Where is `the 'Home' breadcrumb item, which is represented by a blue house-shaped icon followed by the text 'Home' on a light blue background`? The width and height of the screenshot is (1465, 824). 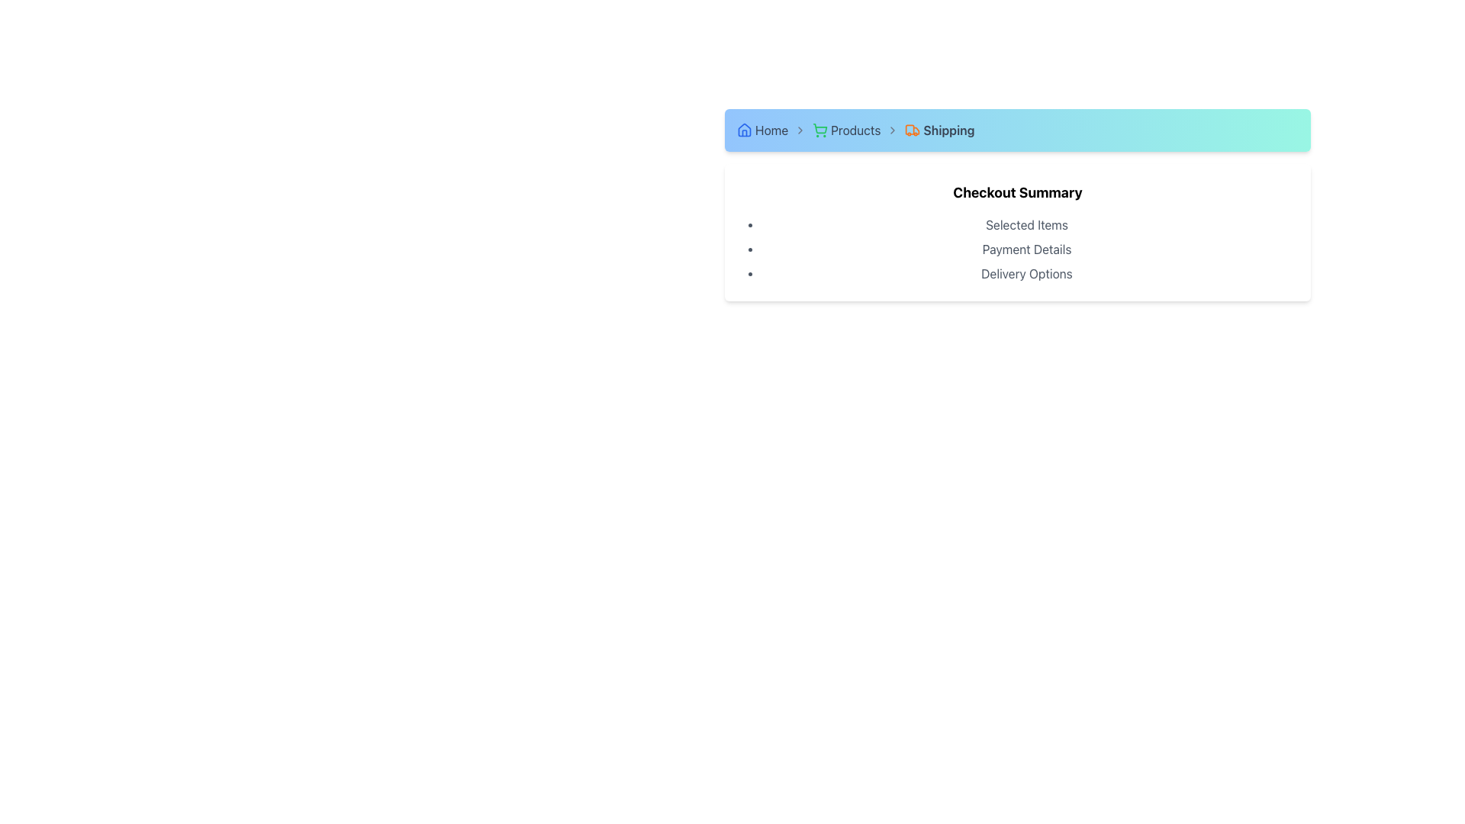
the 'Home' breadcrumb item, which is represented by a blue house-shaped icon followed by the text 'Home' on a light blue background is located at coordinates (762, 129).